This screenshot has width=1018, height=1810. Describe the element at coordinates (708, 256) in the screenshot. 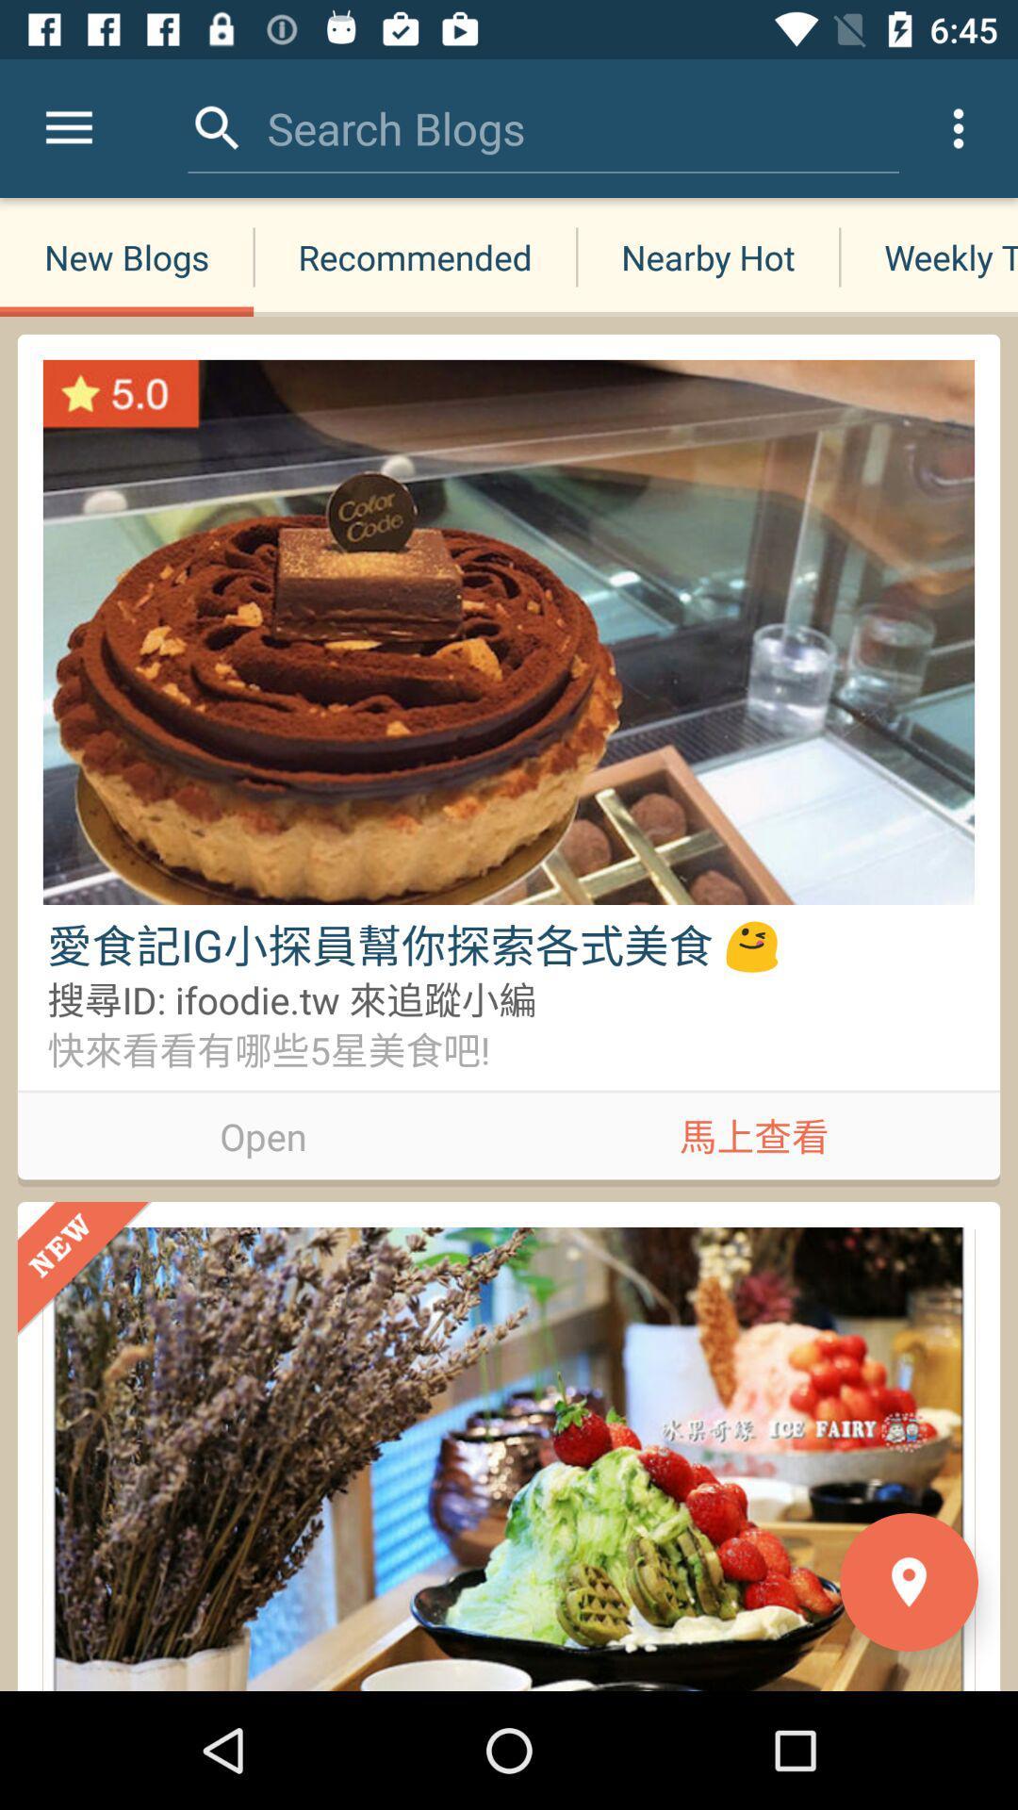

I see `nearby hot icon` at that location.